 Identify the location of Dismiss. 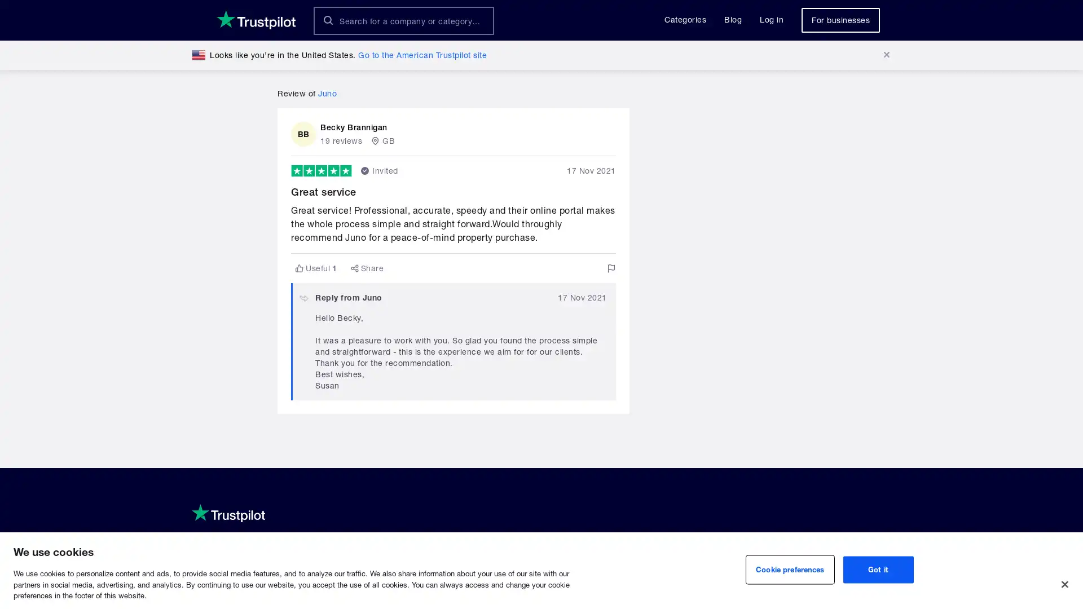
(886, 55).